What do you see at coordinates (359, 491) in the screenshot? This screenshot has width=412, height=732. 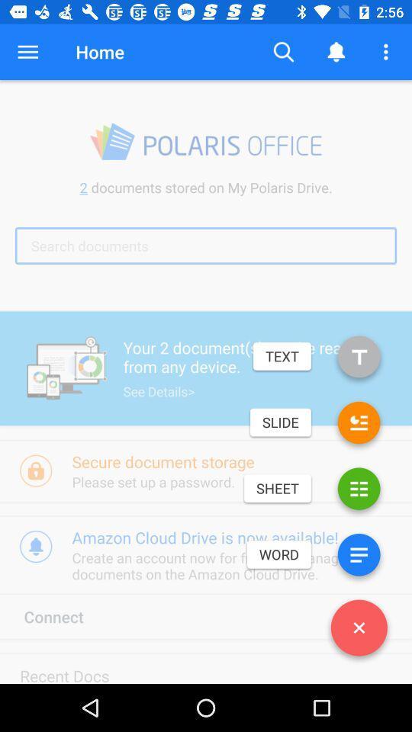 I see `the list icon` at bounding box center [359, 491].